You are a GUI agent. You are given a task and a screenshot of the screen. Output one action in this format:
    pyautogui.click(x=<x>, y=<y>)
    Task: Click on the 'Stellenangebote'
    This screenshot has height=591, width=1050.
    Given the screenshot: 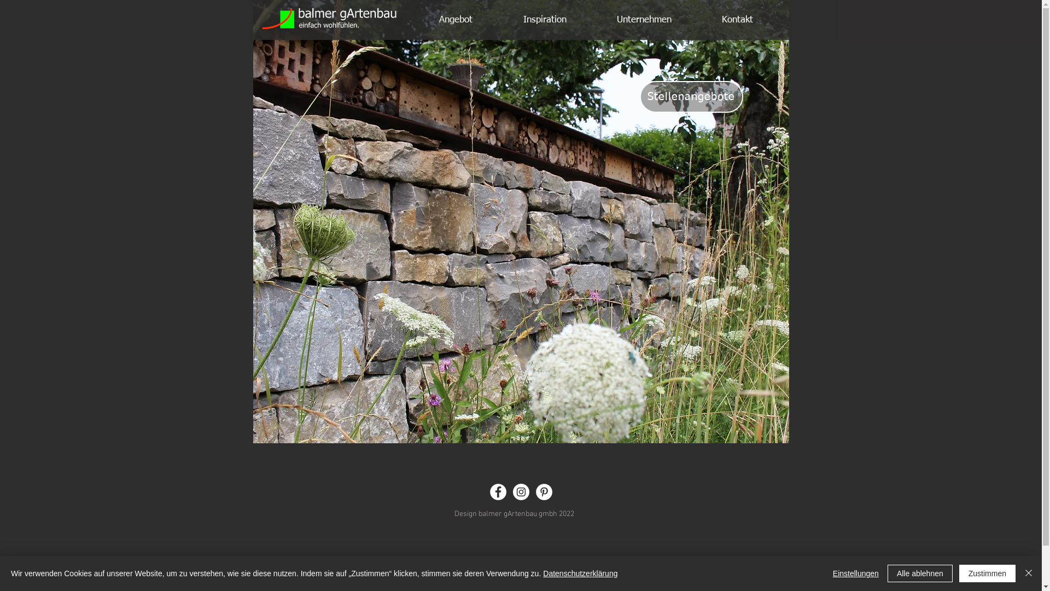 What is the action you would take?
    pyautogui.click(x=691, y=96)
    